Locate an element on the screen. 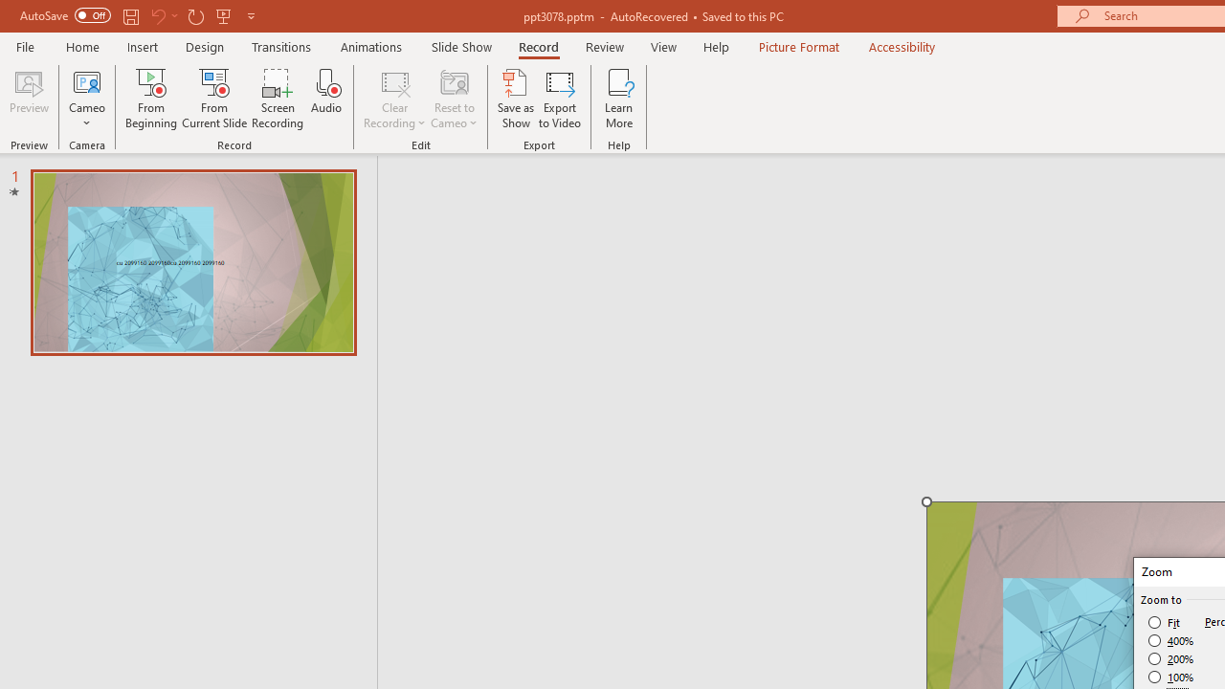 This screenshot has height=689, width=1225. 'Cameo' is located at coordinates (86, 99).